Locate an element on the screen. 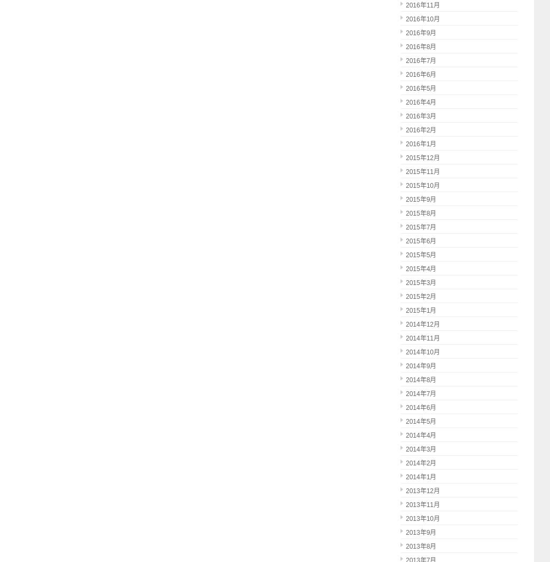 The image size is (550, 562). '2016年3月' is located at coordinates (420, 116).